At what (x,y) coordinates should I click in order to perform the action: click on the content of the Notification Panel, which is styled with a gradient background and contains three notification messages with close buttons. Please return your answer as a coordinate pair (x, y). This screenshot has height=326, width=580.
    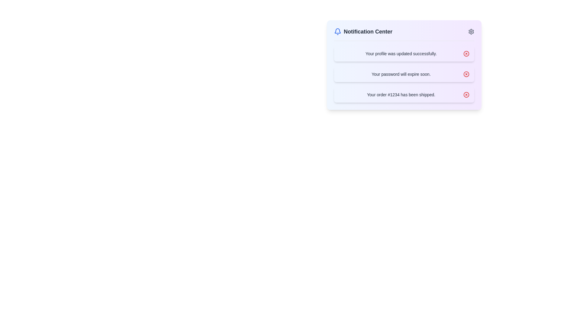
    Looking at the image, I should click on (404, 65).